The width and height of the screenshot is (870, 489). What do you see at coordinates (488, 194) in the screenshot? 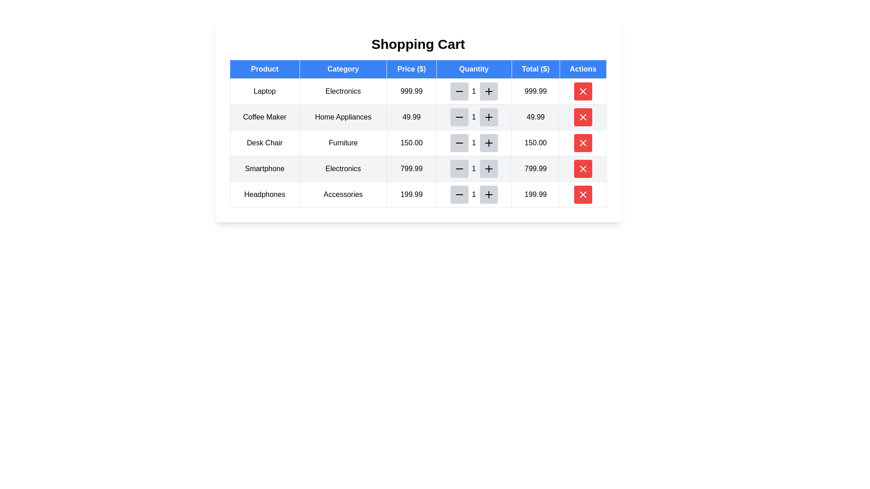
I see `the increment button located in the last row of the shopping cart table under the Quantity column, positioned to the right of the number '1'` at bounding box center [488, 194].